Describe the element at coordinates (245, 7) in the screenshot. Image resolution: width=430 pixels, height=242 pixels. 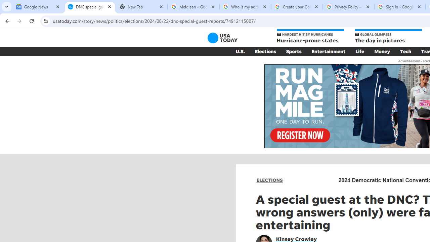
I see `'Who is my administrator? - Google Account Help'` at that location.